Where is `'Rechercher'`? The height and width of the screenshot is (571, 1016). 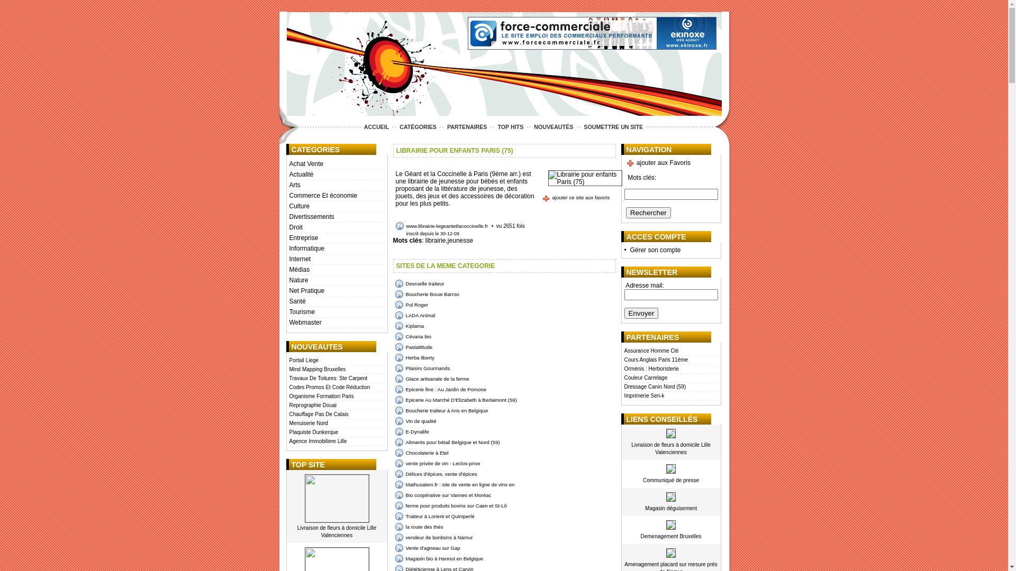
'Rechercher' is located at coordinates (648, 213).